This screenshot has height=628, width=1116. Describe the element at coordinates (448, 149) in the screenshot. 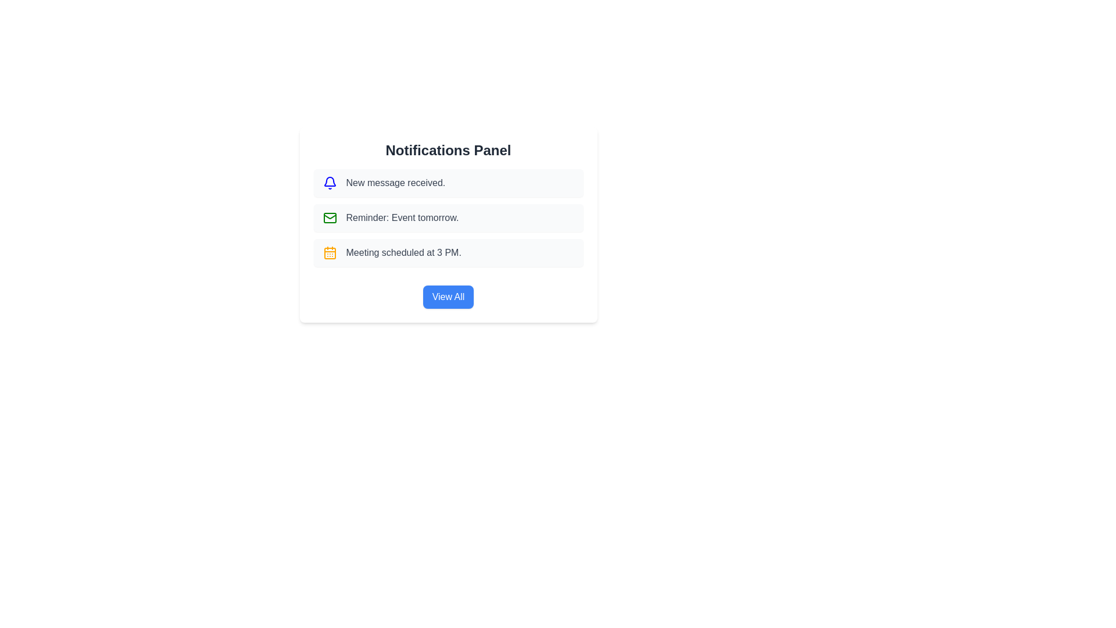

I see `styling of the 'Notifications Panel' text component, which is a bold, large font title in dark gray color located at the uppermost position of the notification panel` at that location.